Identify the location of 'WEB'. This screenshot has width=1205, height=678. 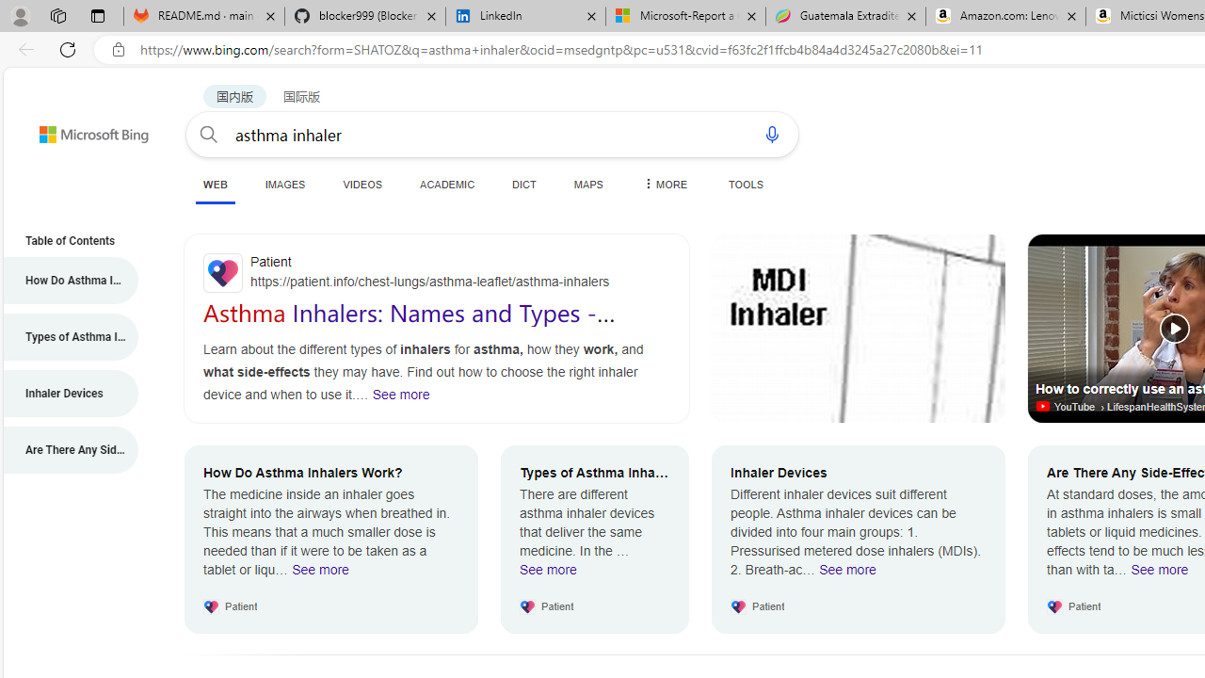
(215, 184).